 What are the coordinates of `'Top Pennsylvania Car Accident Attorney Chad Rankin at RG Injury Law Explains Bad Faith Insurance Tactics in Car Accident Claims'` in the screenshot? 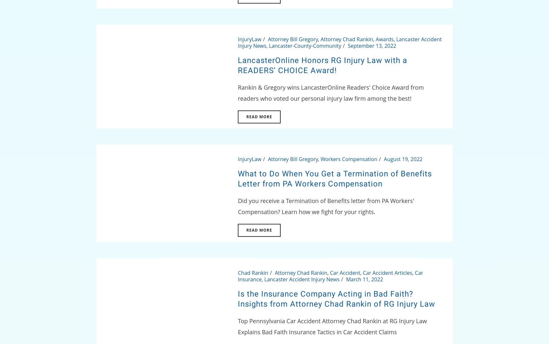 It's located at (332, 326).